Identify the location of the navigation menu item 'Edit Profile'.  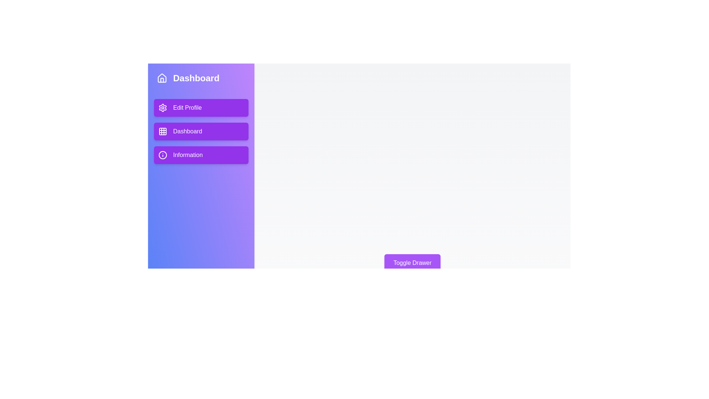
(201, 108).